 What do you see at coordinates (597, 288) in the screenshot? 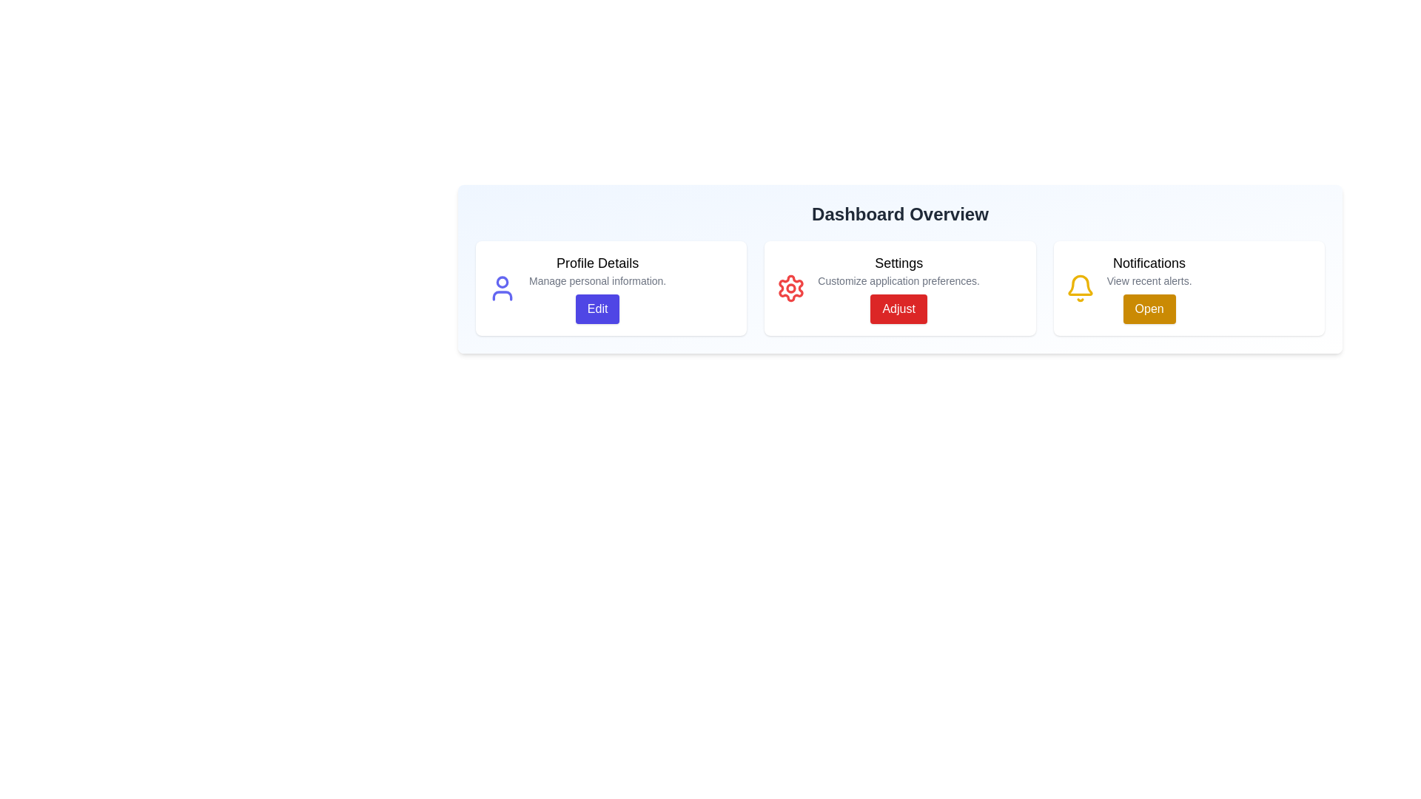
I see `the 'Edit' button in the 'Profile Details' section to initiate the editing of profile details` at bounding box center [597, 288].